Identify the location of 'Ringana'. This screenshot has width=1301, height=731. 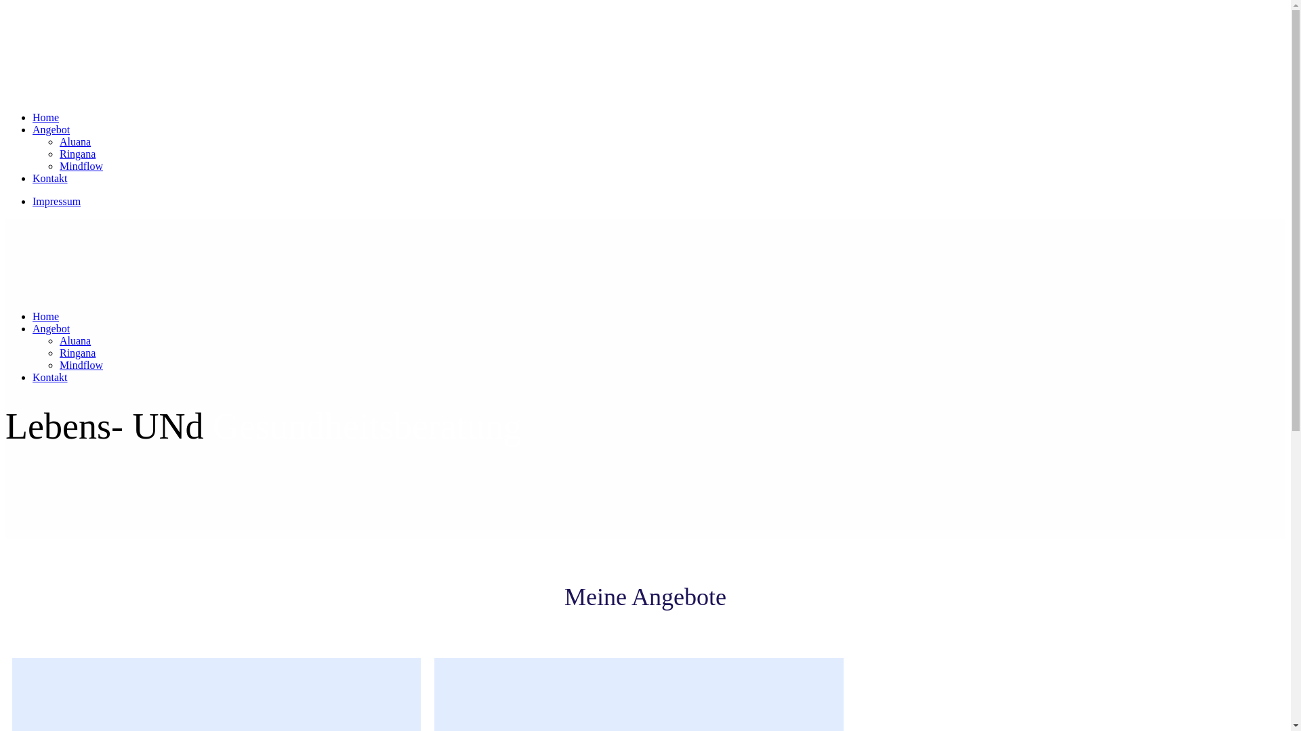
(77, 352).